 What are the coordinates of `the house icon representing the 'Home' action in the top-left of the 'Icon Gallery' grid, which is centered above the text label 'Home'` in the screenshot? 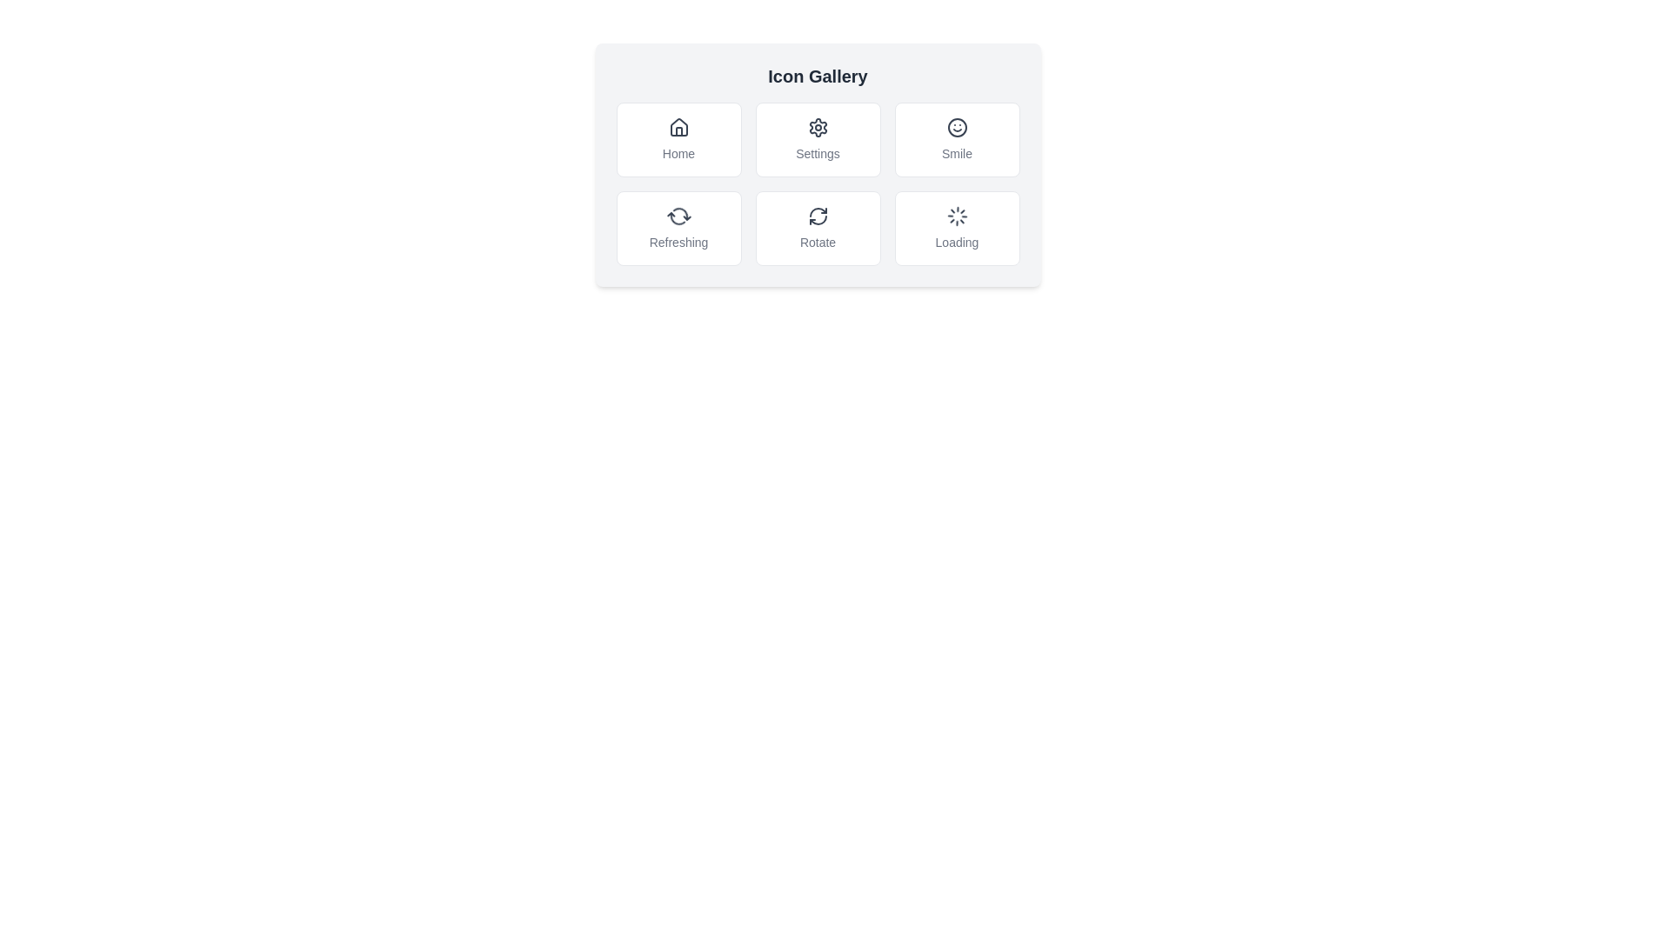 It's located at (678, 126).